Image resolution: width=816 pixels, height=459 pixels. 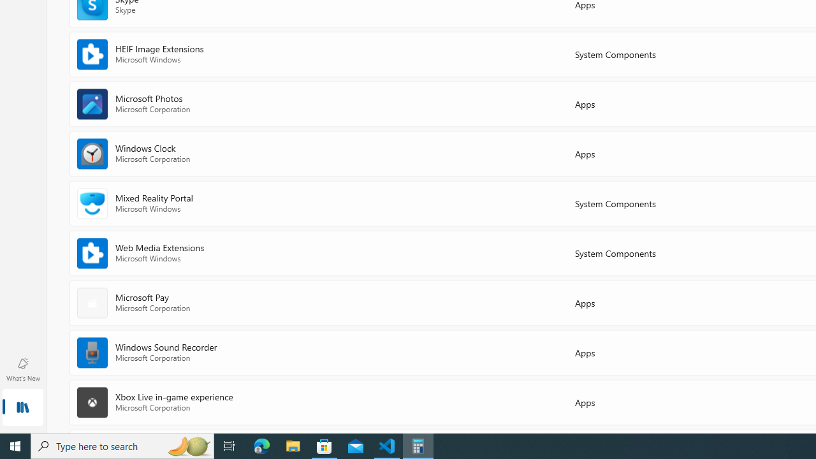 I want to click on 'Start', so click(x=15, y=445).